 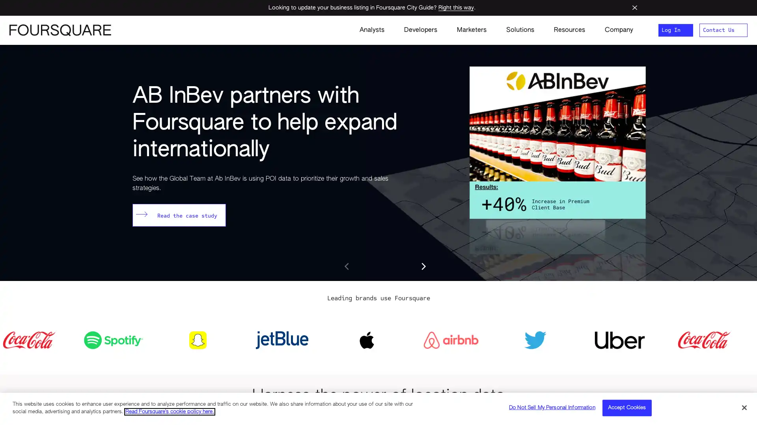 What do you see at coordinates (423, 266) in the screenshot?
I see `Next` at bounding box center [423, 266].